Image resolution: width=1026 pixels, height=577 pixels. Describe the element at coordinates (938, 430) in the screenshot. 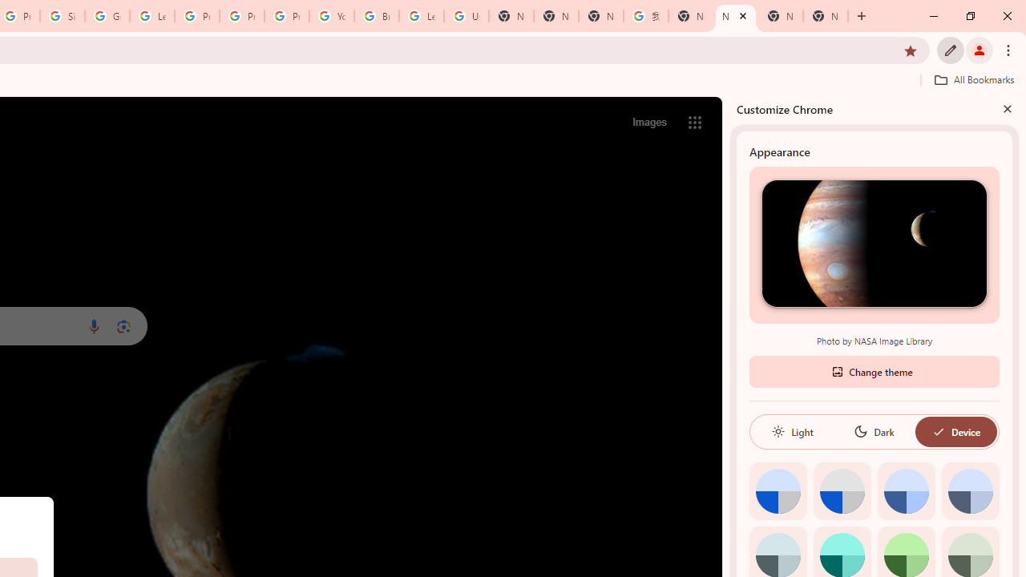

I see `'AutomationID: baseSvg'` at that location.